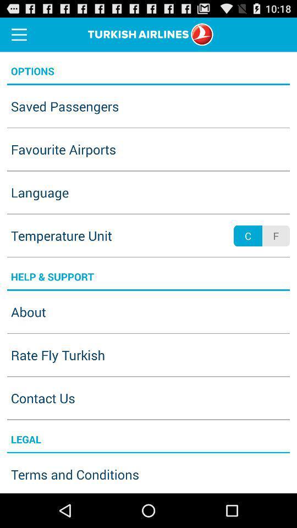  What do you see at coordinates (248, 236) in the screenshot?
I see `icon next to the f` at bounding box center [248, 236].